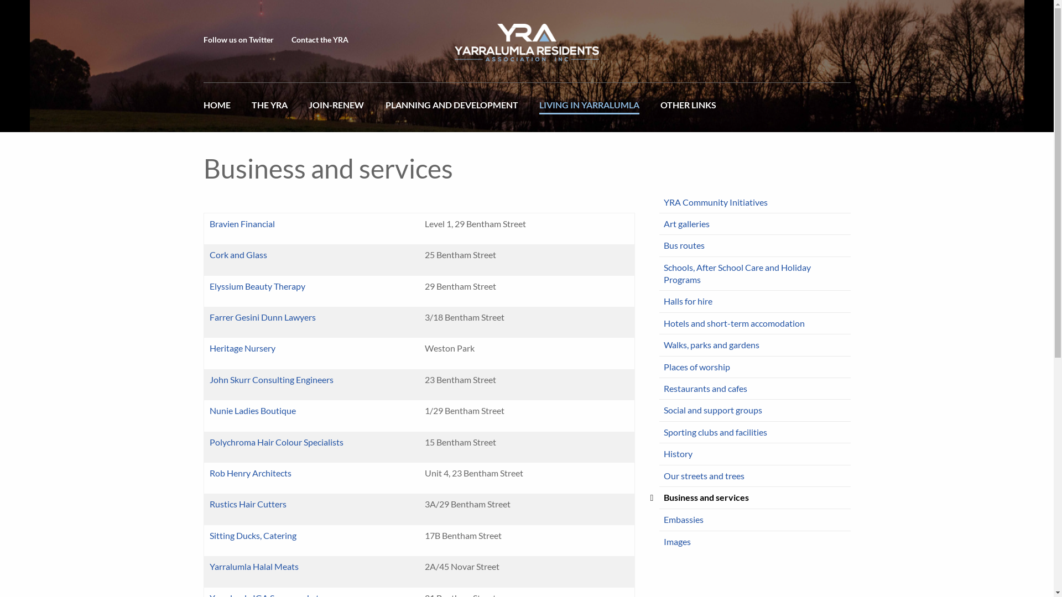  What do you see at coordinates (754, 367) in the screenshot?
I see `'Places of worship'` at bounding box center [754, 367].